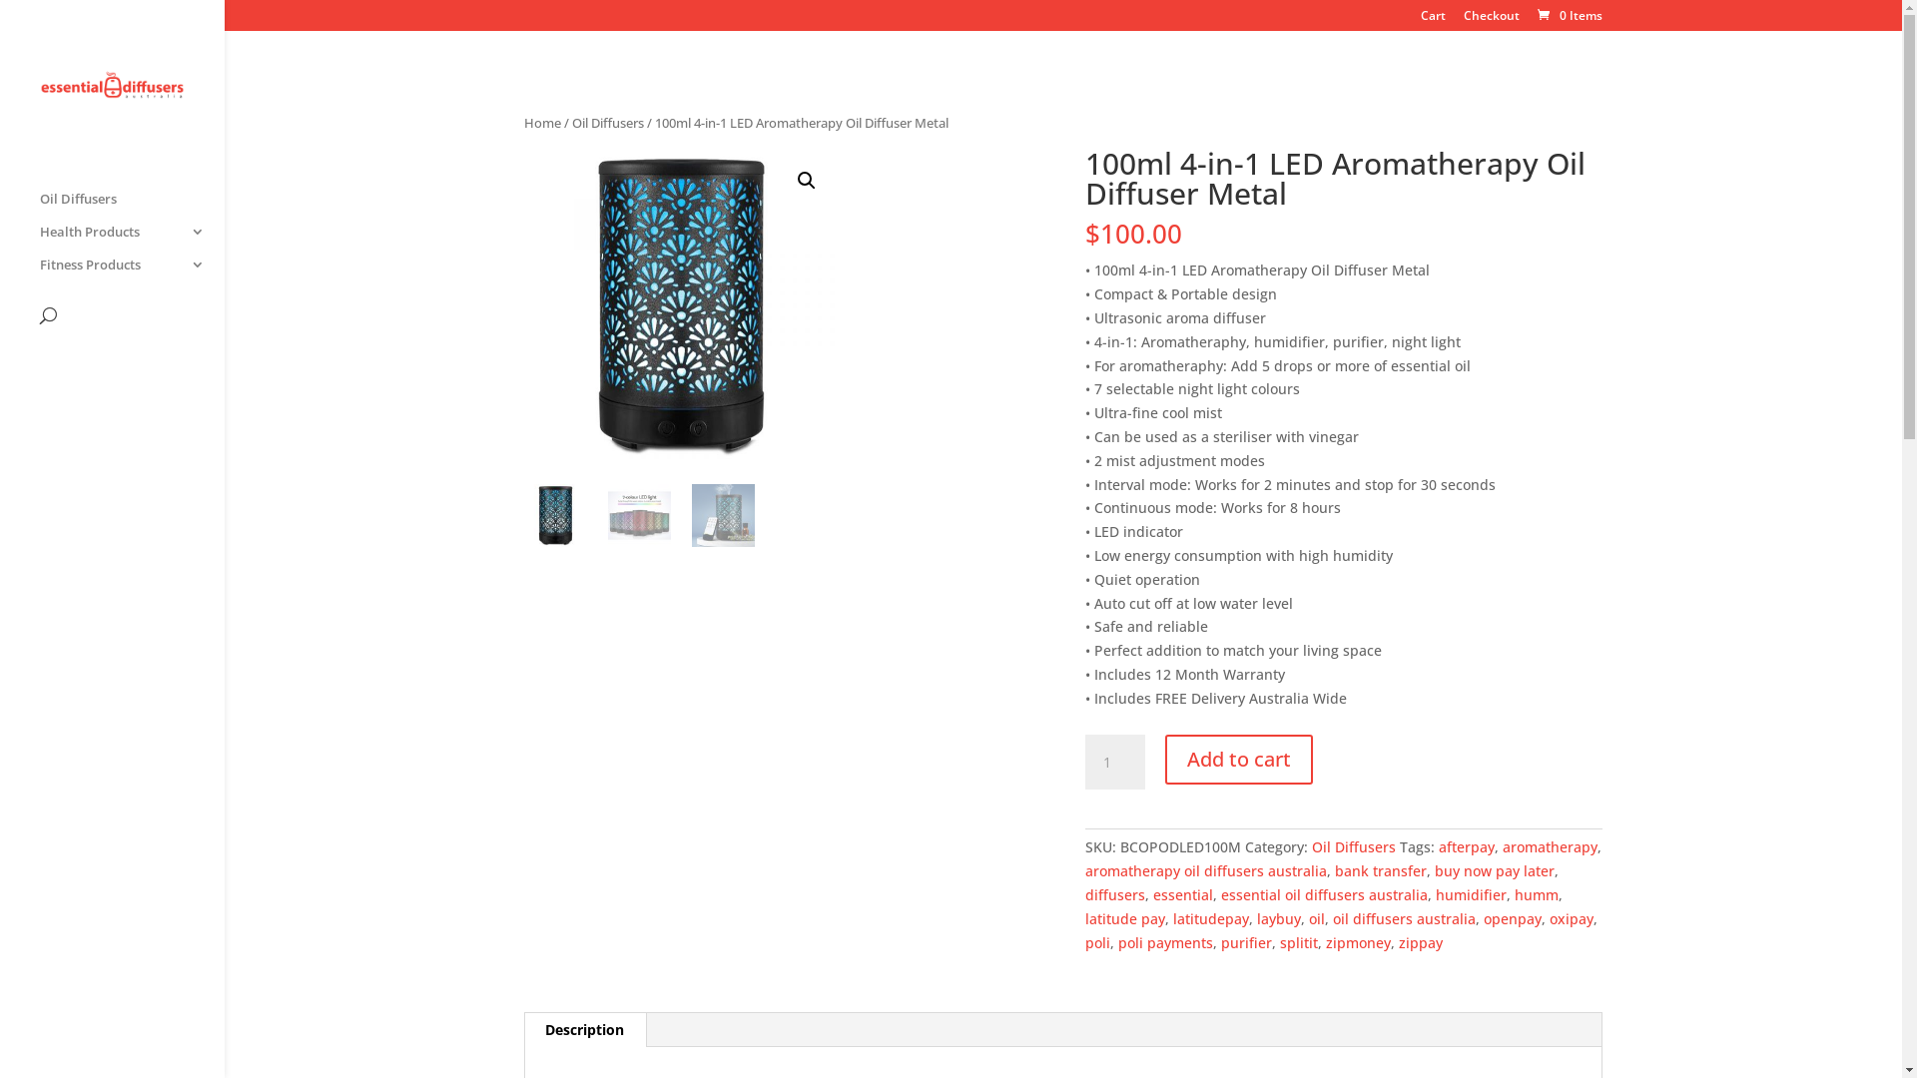 This screenshot has height=1078, width=1917. I want to click on 'bank transfer', so click(1379, 869).